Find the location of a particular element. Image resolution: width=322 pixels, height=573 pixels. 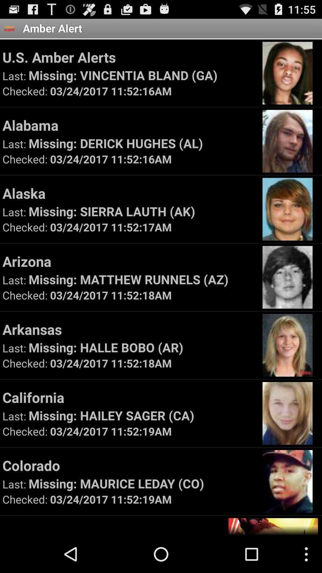

alaska is located at coordinates (129, 193).